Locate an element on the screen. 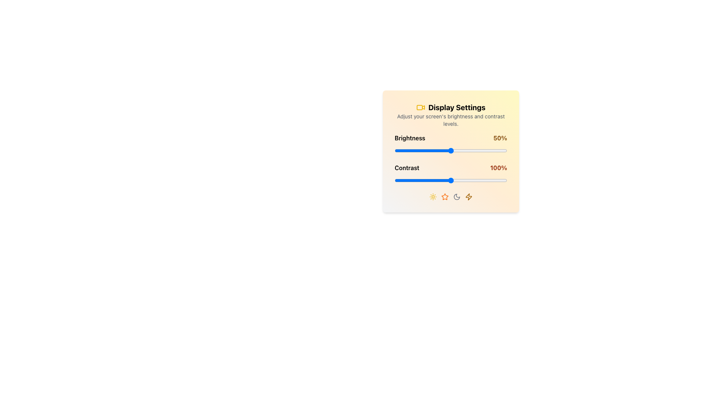  the 'Display Settings' informational header block is located at coordinates (450, 115).